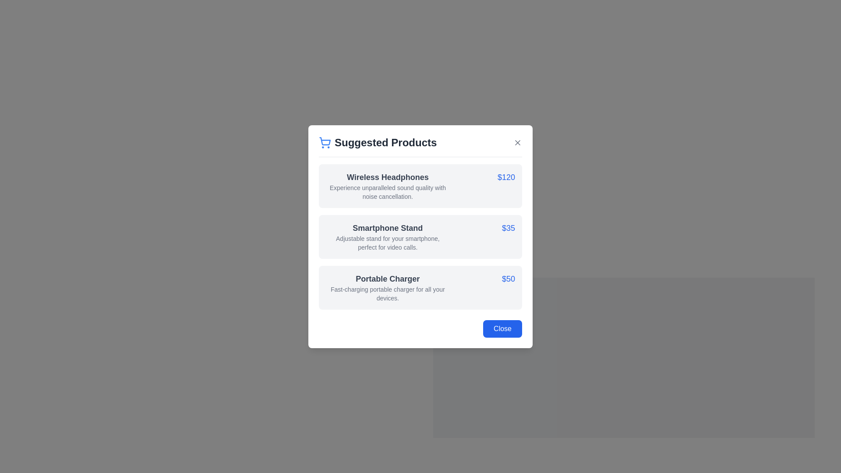  Describe the element at coordinates (387, 287) in the screenshot. I see `text of the informational item labeled 'Portable Charger' which includes the bold title and the description below it` at that location.